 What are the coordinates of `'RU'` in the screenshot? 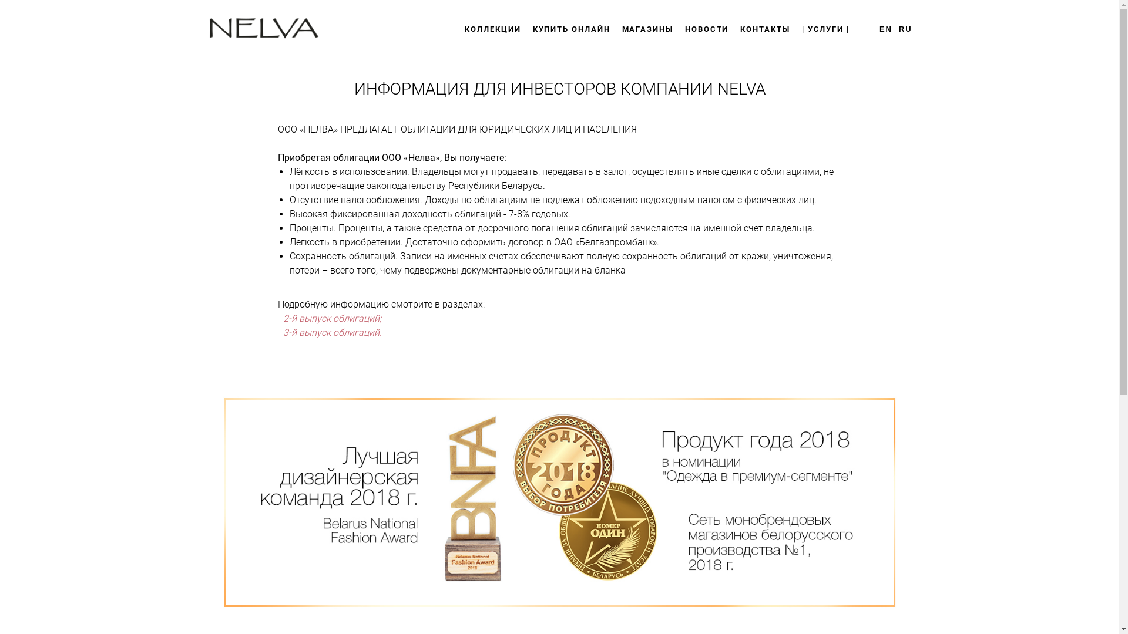 It's located at (905, 28).